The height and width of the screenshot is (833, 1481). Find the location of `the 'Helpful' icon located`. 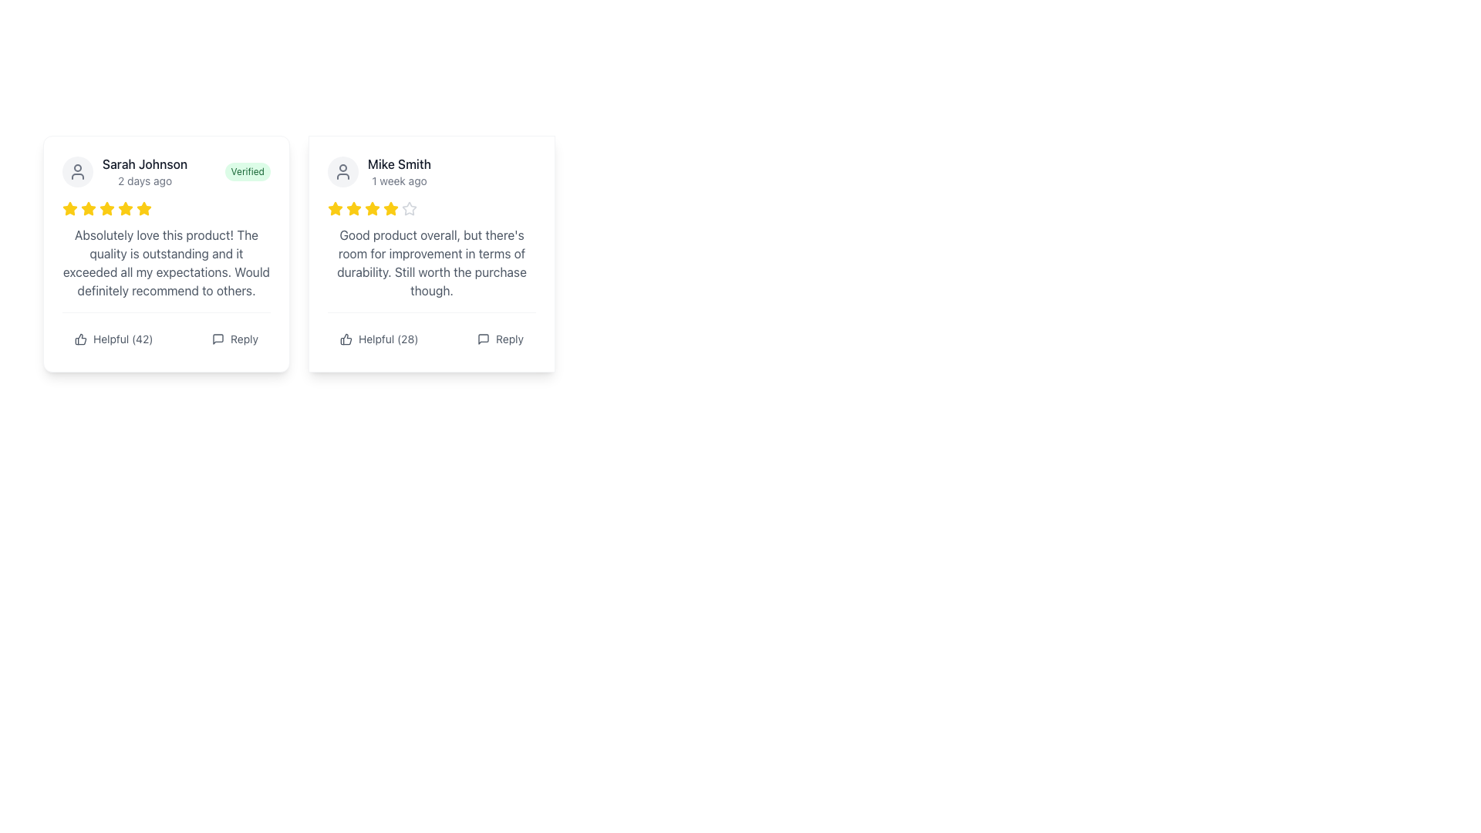

the 'Helpful' icon located is located at coordinates (346, 338).